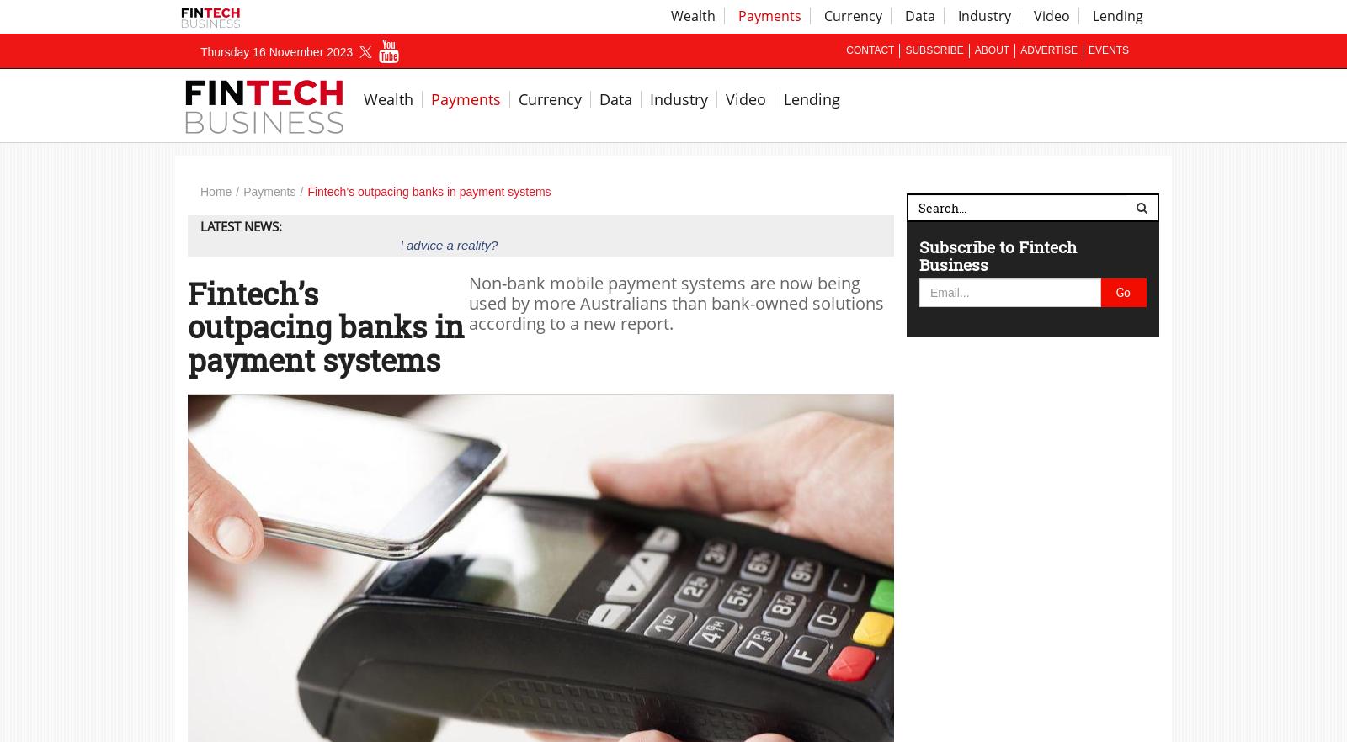 This screenshot has height=742, width=1347. Describe the element at coordinates (675, 301) in the screenshot. I see `'Non-bank mobile payment systems are now being used by more Australians than bank-owned solutions according to a new report.'` at that location.